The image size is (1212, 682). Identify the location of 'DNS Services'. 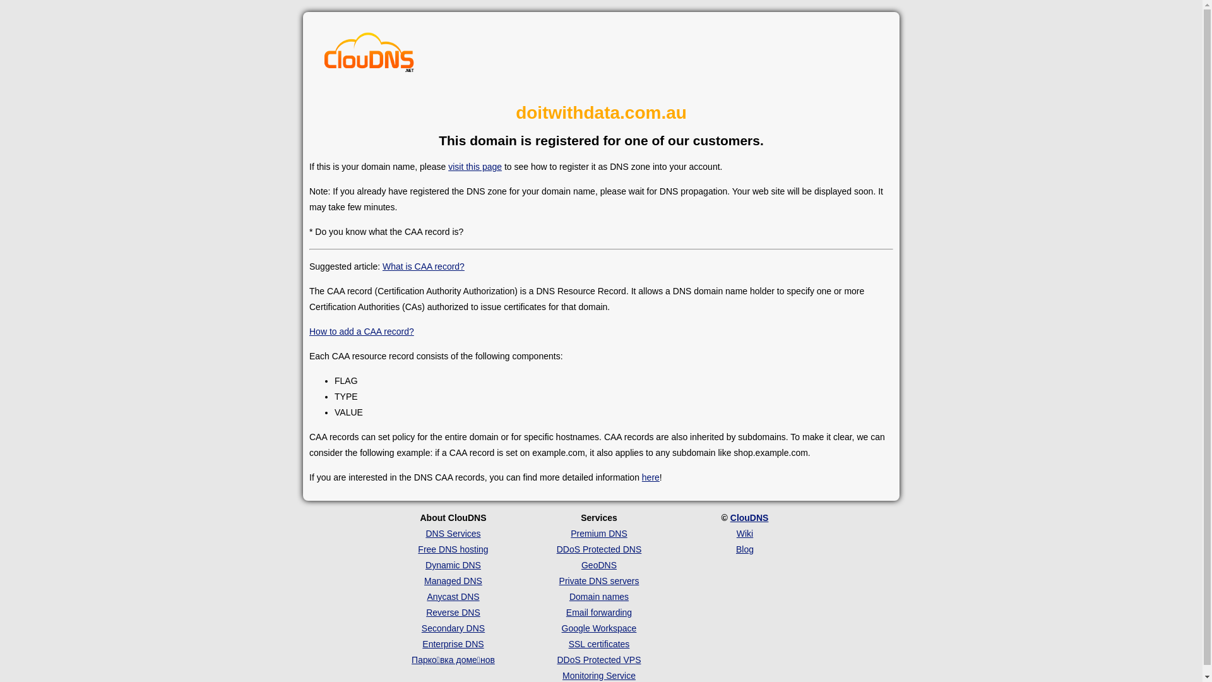
(453, 533).